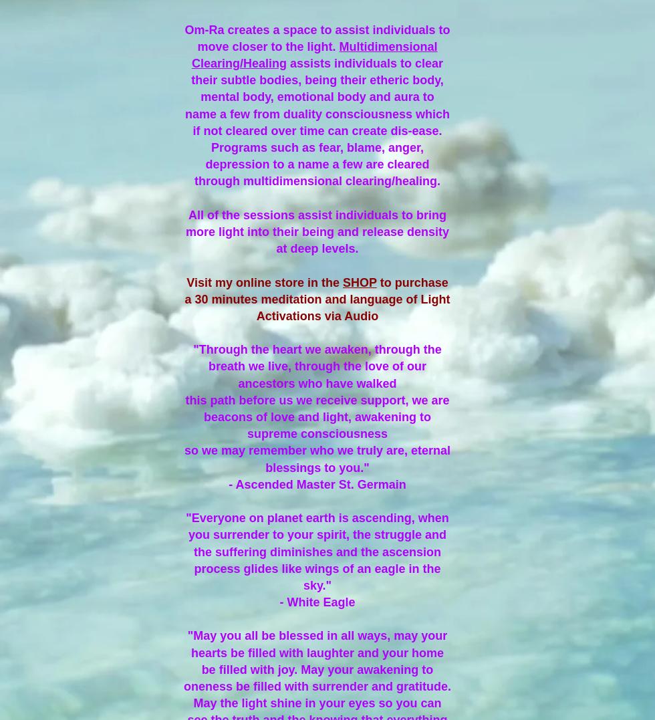  What do you see at coordinates (317, 147) in the screenshot?
I see `'name a few from duality consciousness which if not cleared over time can create dis-ease. Programs such as fear, blame, anger, depression to a name a few are cleared through multidimensional clearing/healing.'` at bounding box center [317, 147].